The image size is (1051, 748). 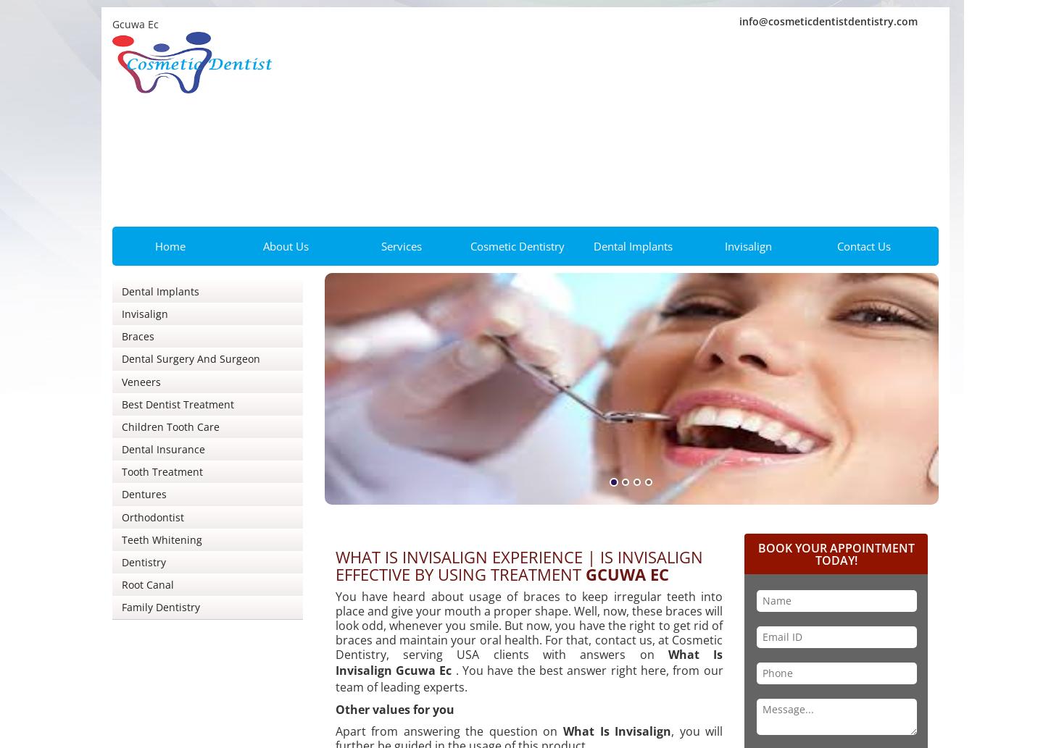 What do you see at coordinates (828, 20) in the screenshot?
I see `'info@cosmeticdentistdentistry.com'` at bounding box center [828, 20].